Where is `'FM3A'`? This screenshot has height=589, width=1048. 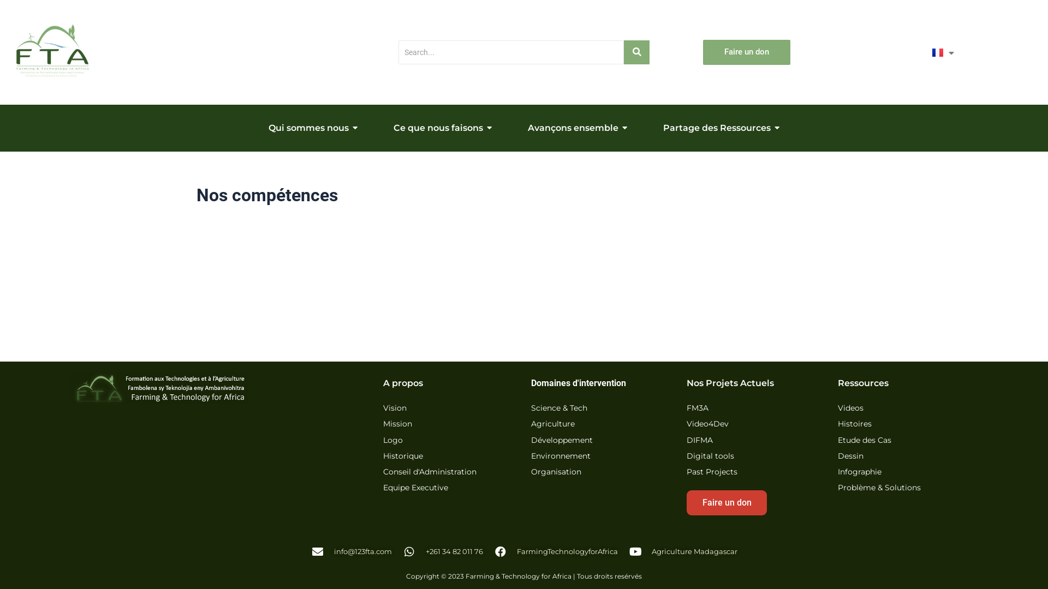 'FM3A' is located at coordinates (696, 408).